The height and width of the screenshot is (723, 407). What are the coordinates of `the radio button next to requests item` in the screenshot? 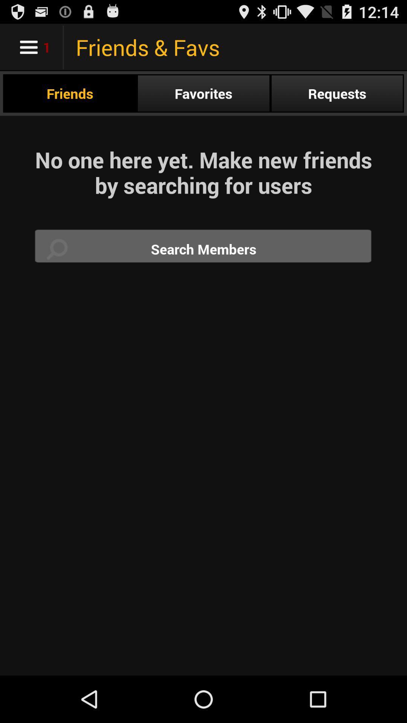 It's located at (203, 93).